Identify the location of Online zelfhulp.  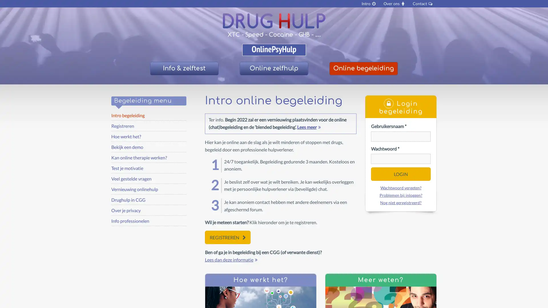
(273, 68).